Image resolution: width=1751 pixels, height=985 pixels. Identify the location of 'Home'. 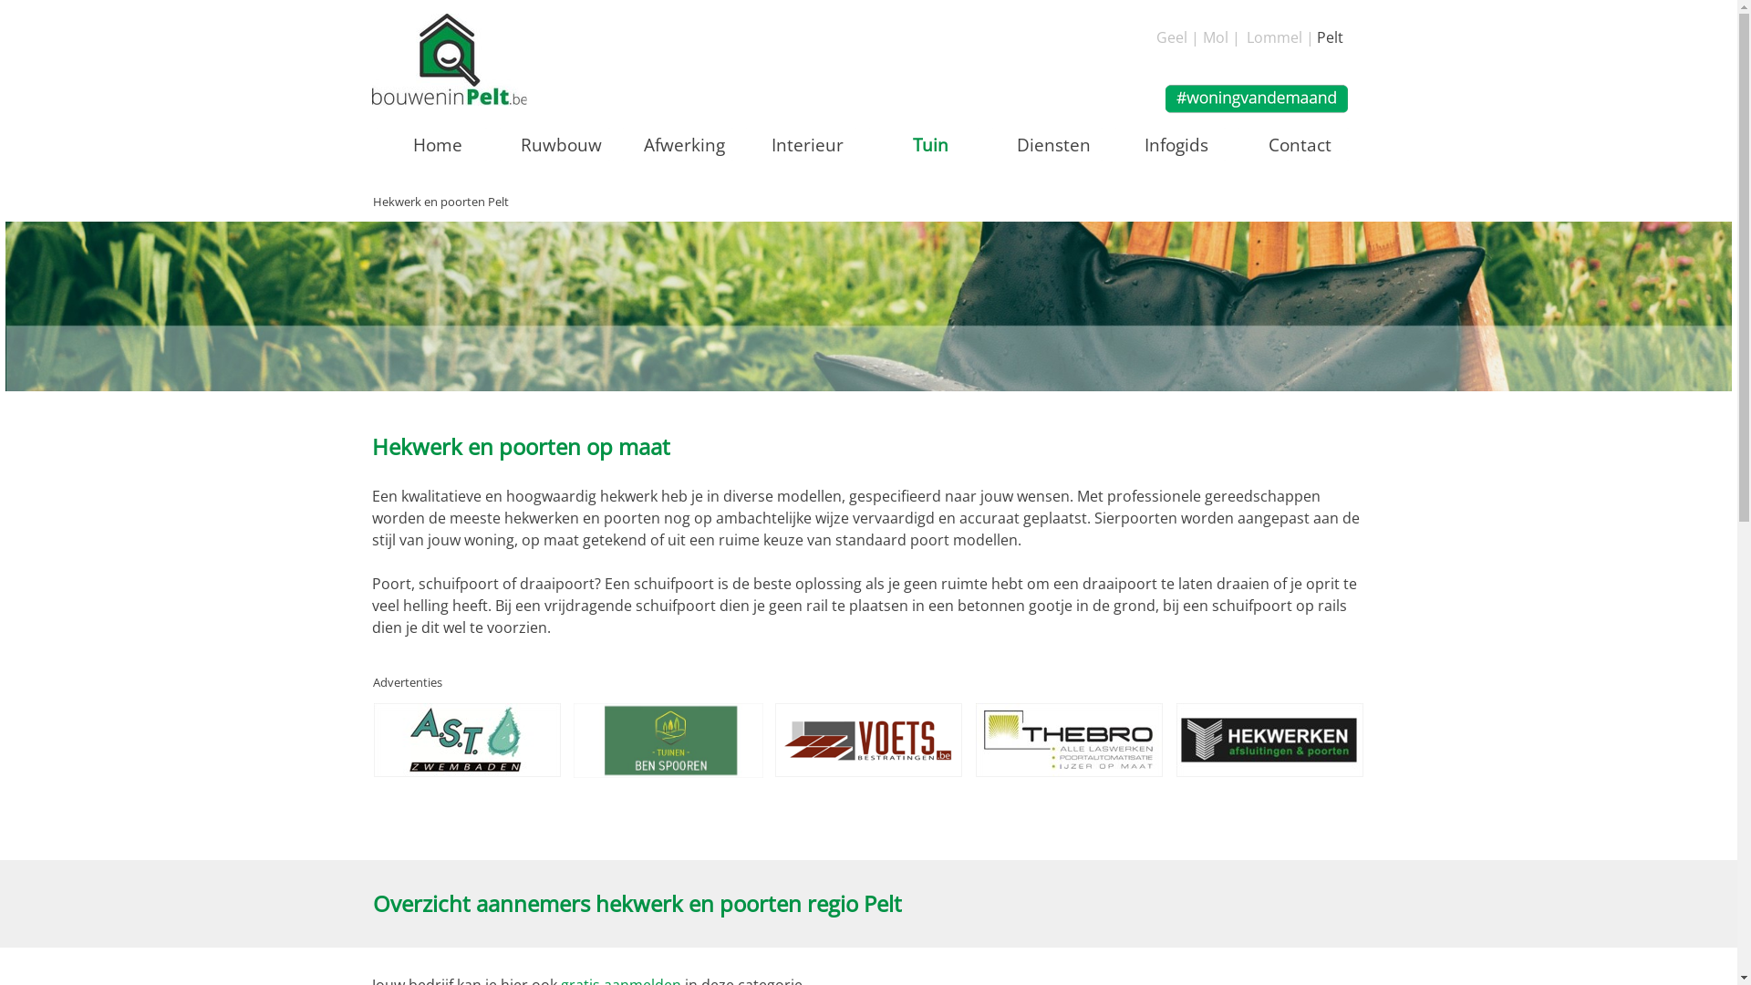
(438, 143).